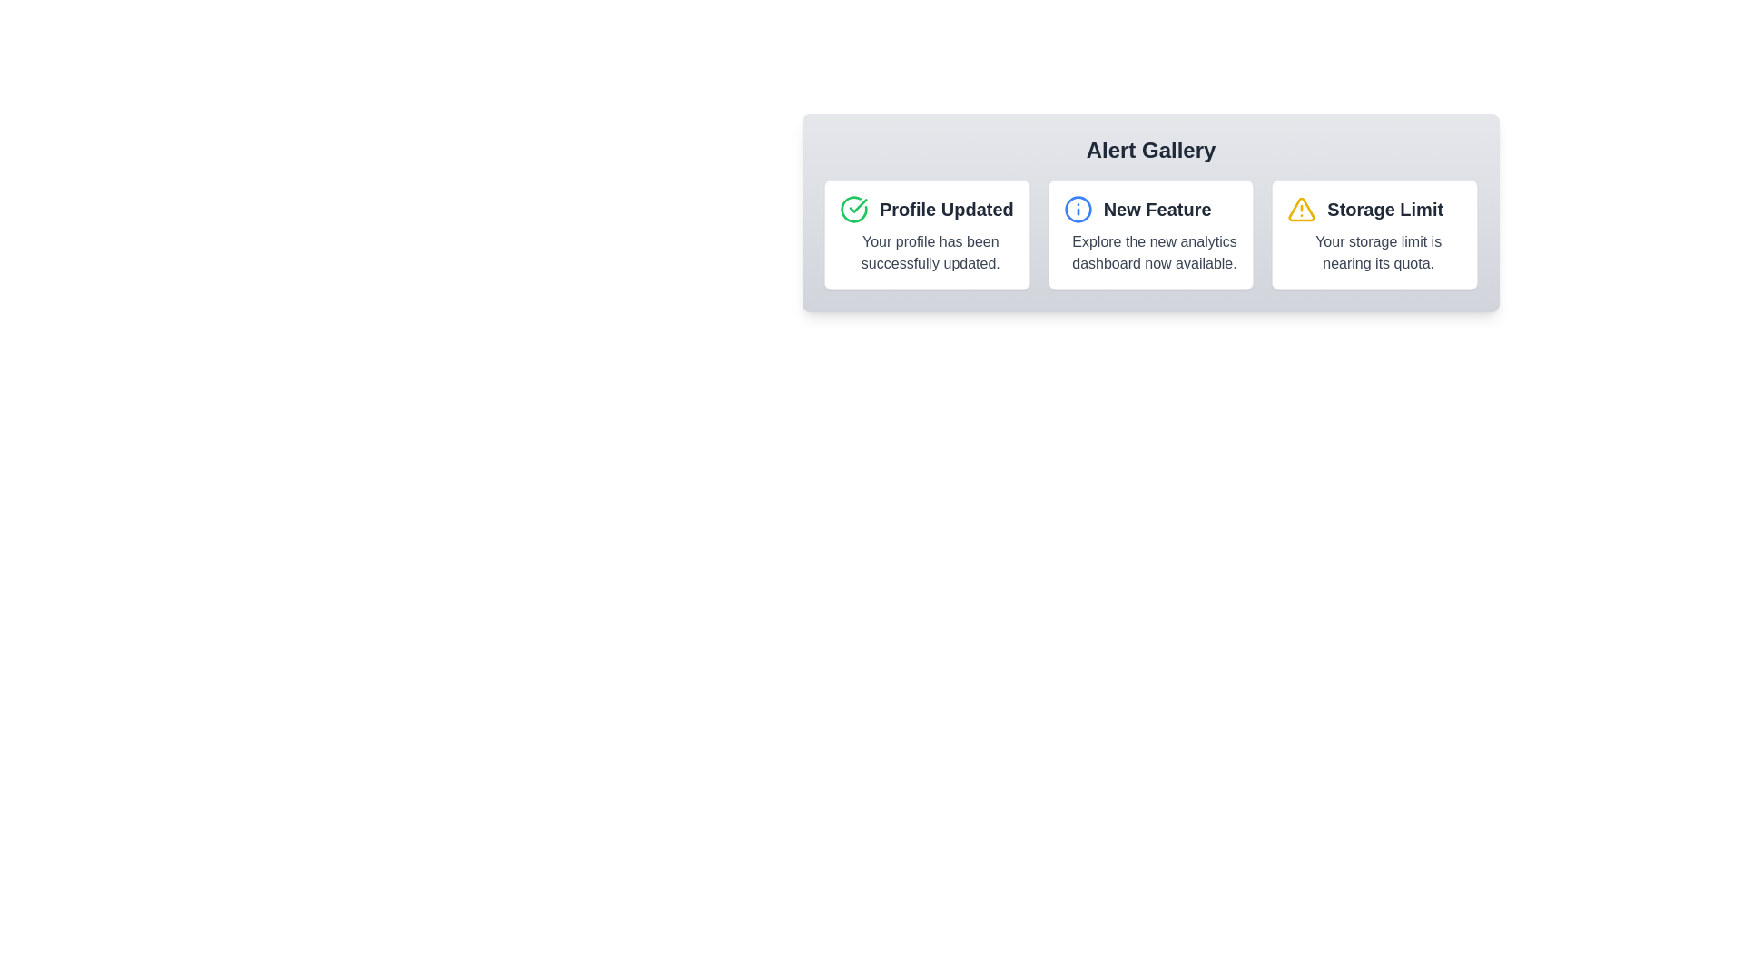  I want to click on the Informational Box about the new analytics dashboard feature located beneath the 'Alert Gallery' heading, so click(1149, 233).